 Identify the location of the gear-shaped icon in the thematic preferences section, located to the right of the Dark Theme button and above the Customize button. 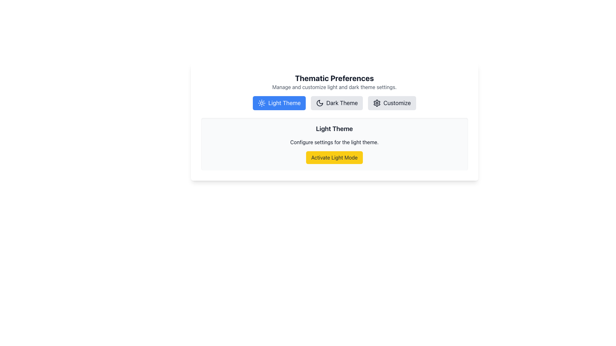
(377, 103).